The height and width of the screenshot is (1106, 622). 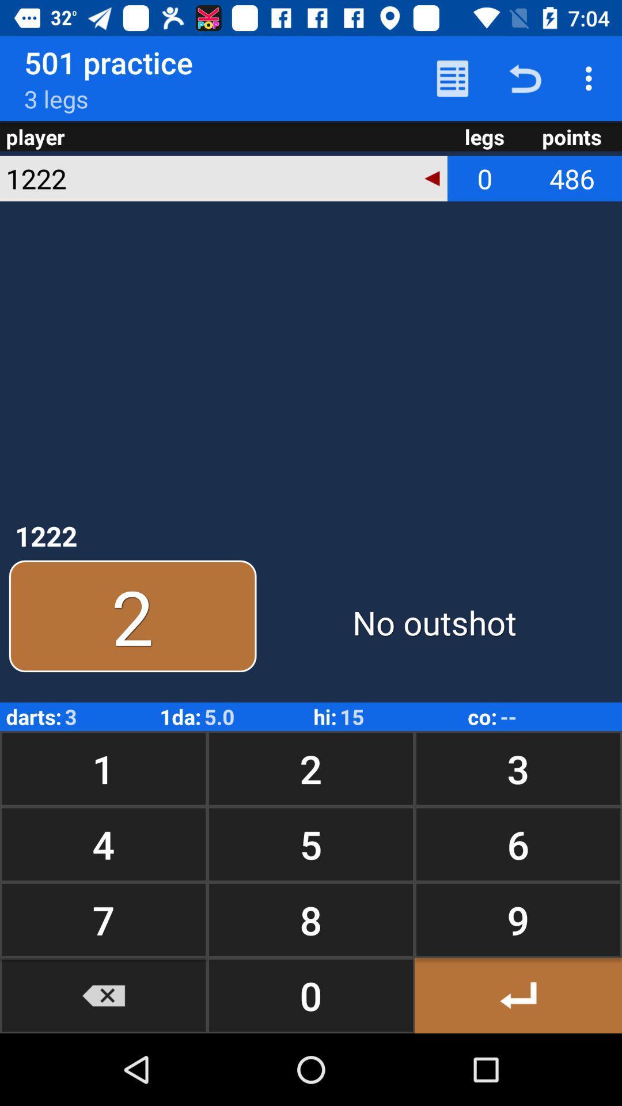 What do you see at coordinates (104, 995) in the screenshot?
I see `delete` at bounding box center [104, 995].